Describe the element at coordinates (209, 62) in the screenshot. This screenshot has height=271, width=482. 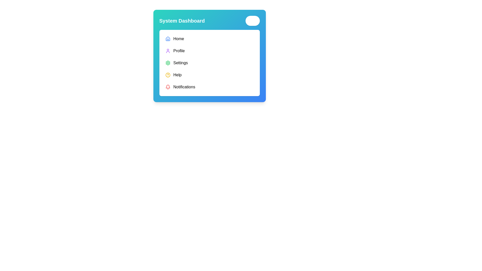
I see `a menu item in the white rounded corner Menu located within the 'System Dashboard' card` at that location.